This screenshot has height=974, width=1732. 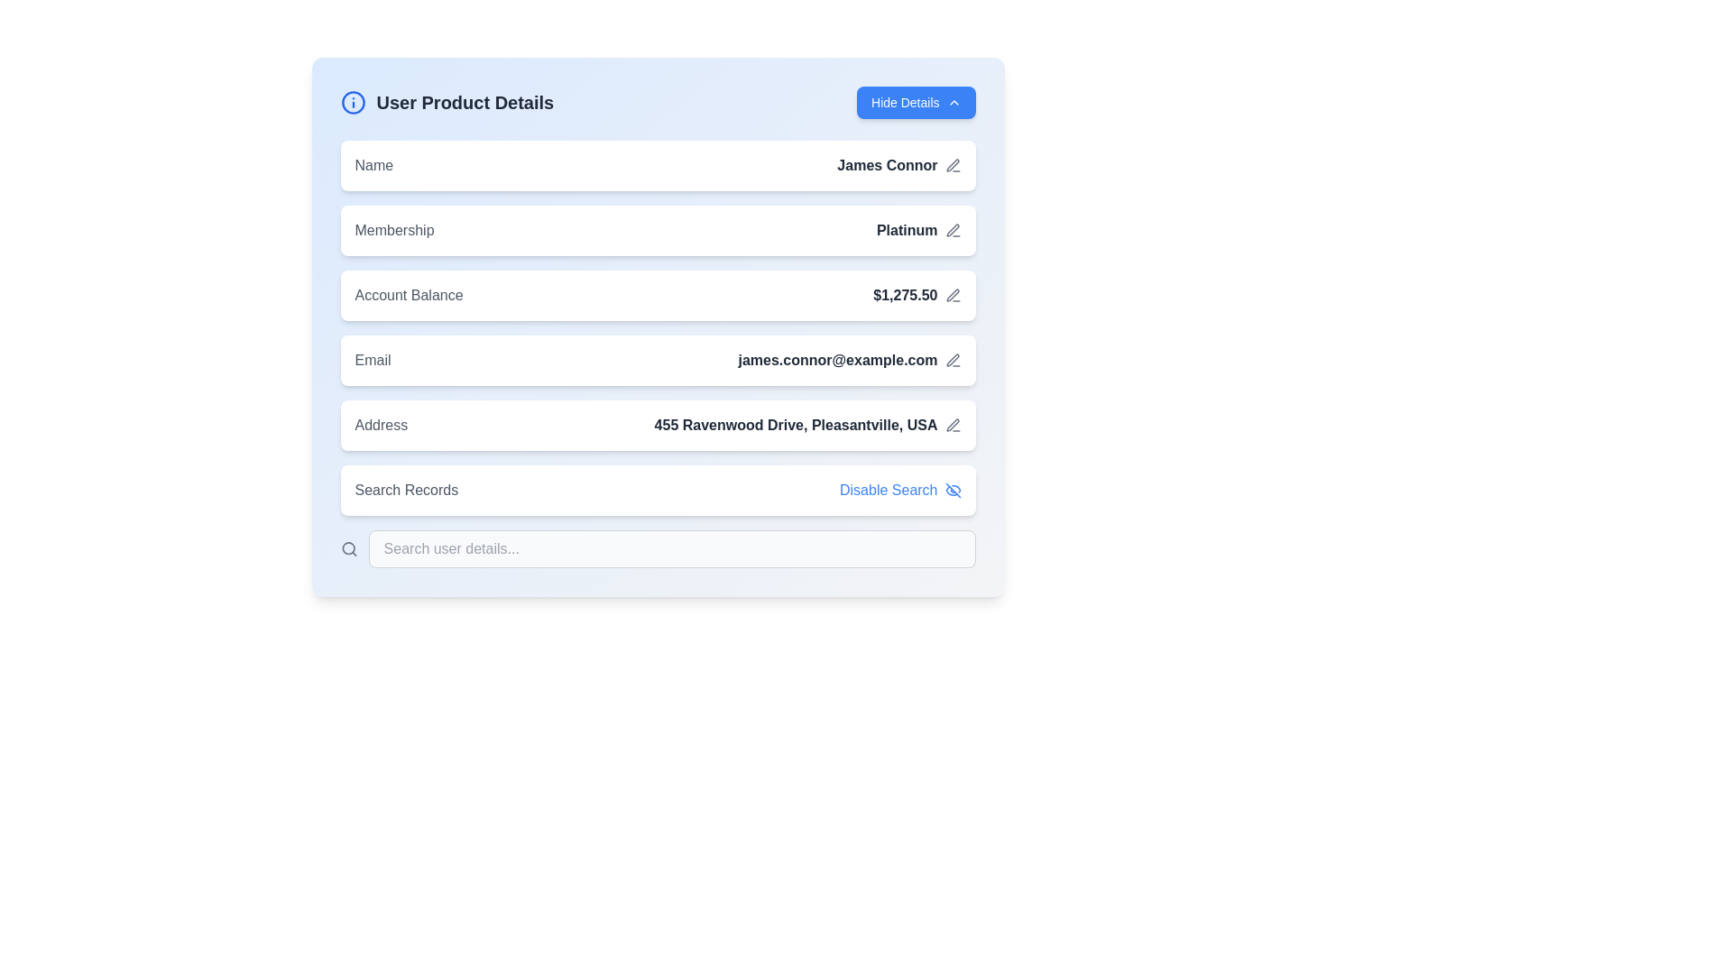 What do you see at coordinates (353, 103) in the screenshot?
I see `the informational icon located to the left of the title 'User Product Details'` at bounding box center [353, 103].